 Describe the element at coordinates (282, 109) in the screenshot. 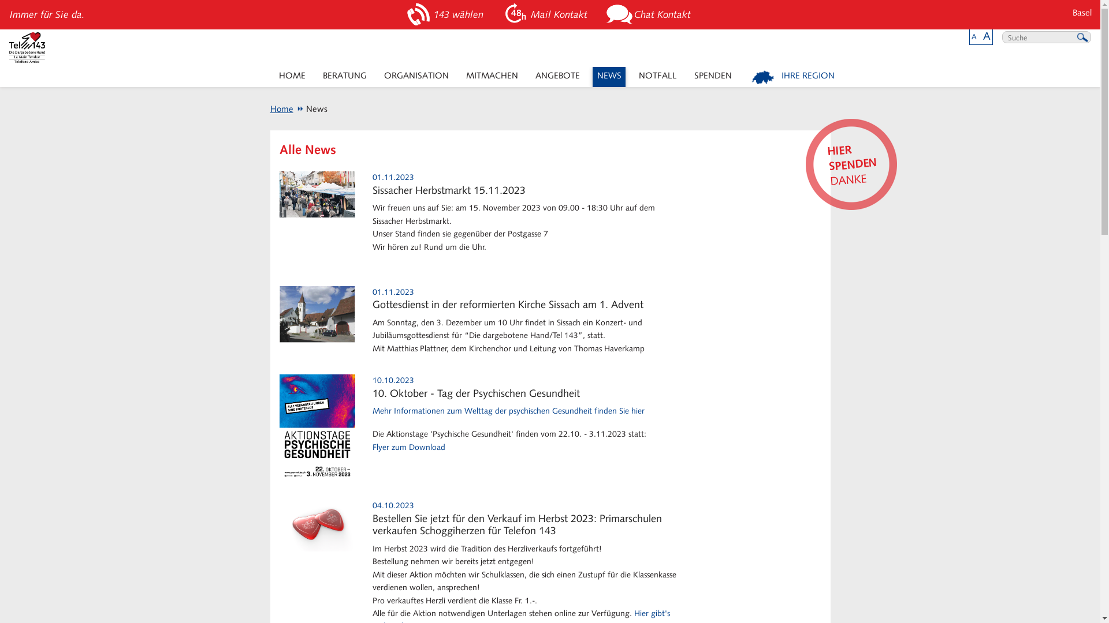

I see `'Home'` at that location.